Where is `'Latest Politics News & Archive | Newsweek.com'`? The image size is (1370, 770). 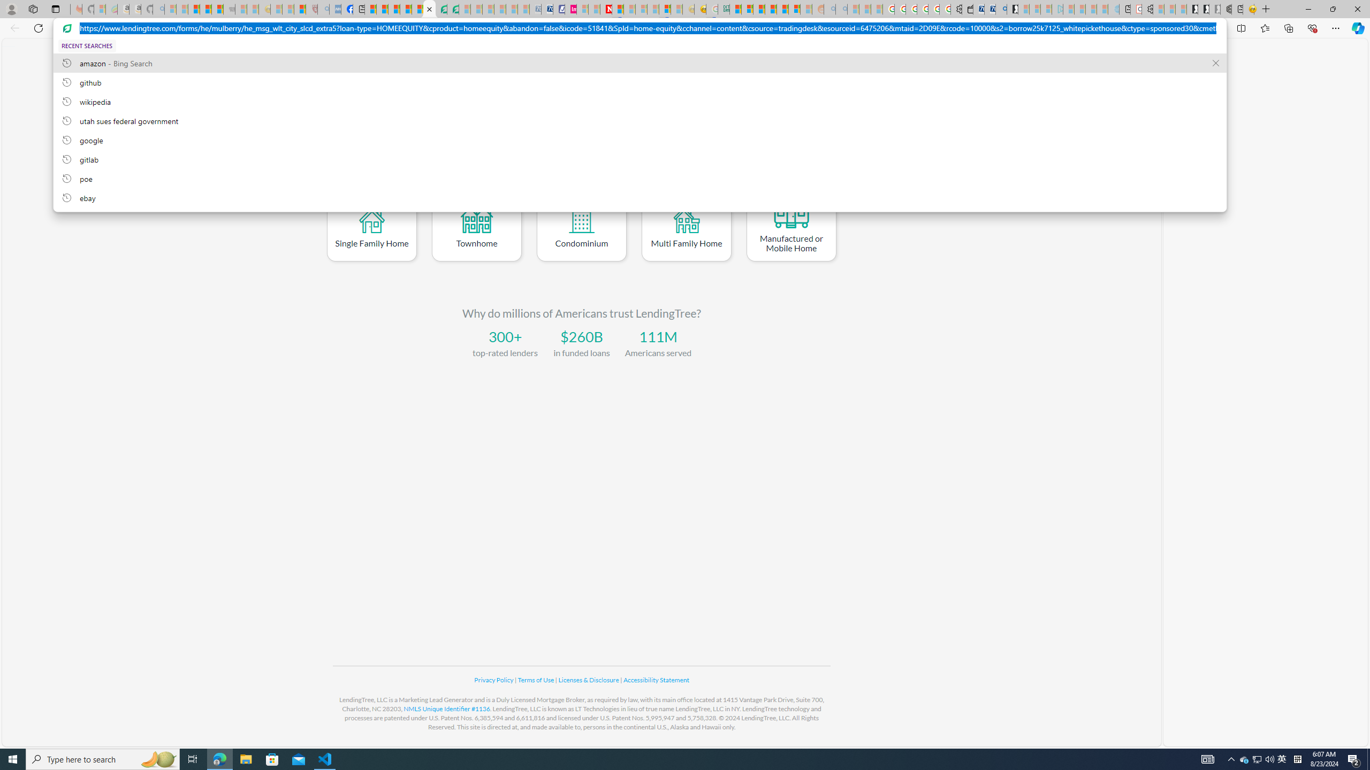
'Latest Politics News & Archive | Newsweek.com' is located at coordinates (606, 9).